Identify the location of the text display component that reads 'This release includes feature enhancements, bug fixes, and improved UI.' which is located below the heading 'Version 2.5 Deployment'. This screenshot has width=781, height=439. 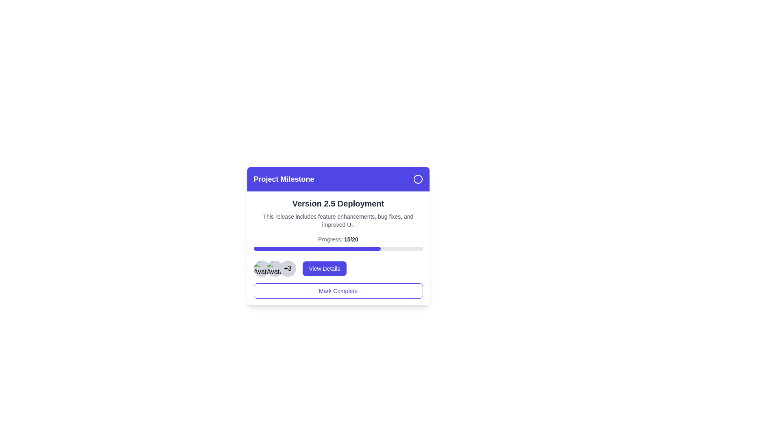
(338, 221).